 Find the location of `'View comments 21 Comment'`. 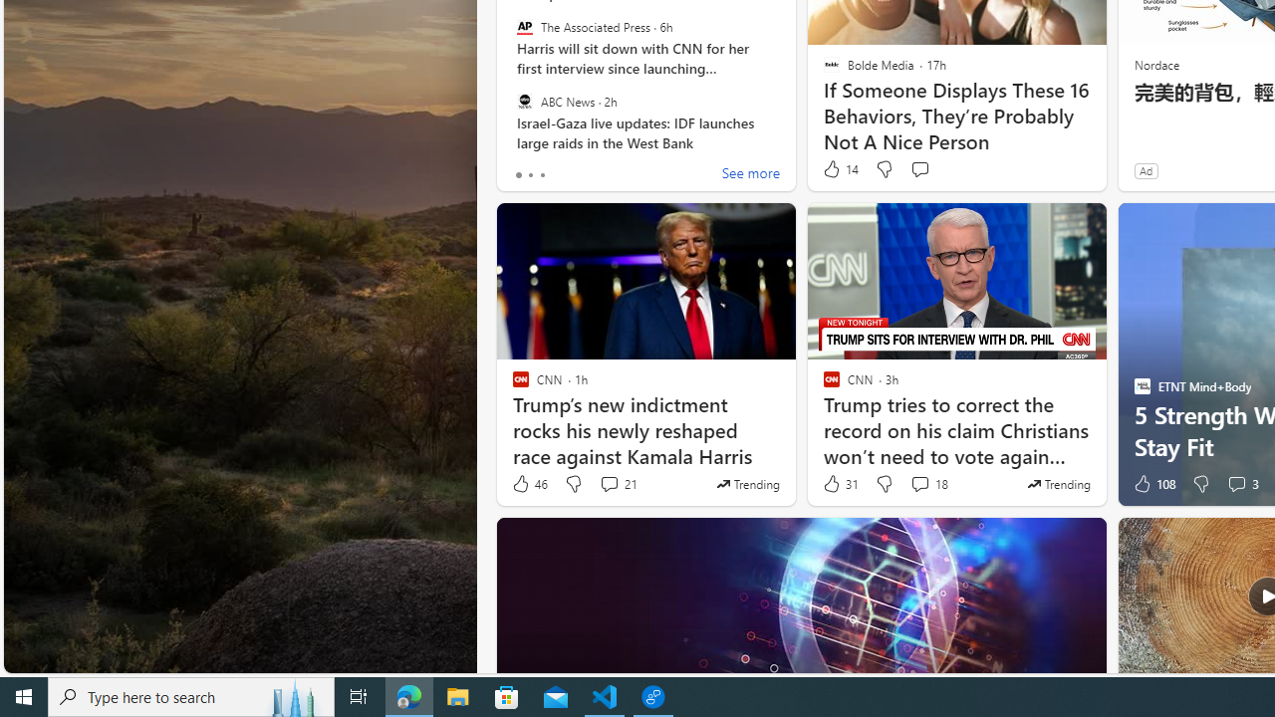

'View comments 21 Comment' is located at coordinates (617, 484).